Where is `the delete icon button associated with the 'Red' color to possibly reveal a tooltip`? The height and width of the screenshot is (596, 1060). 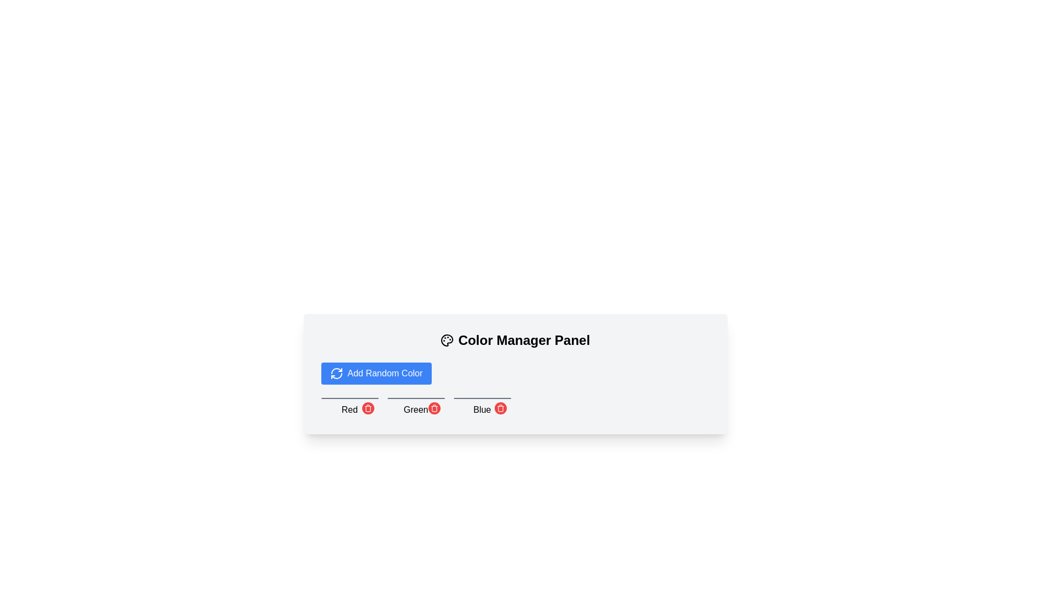 the delete icon button associated with the 'Red' color to possibly reveal a tooltip is located at coordinates (368, 408).